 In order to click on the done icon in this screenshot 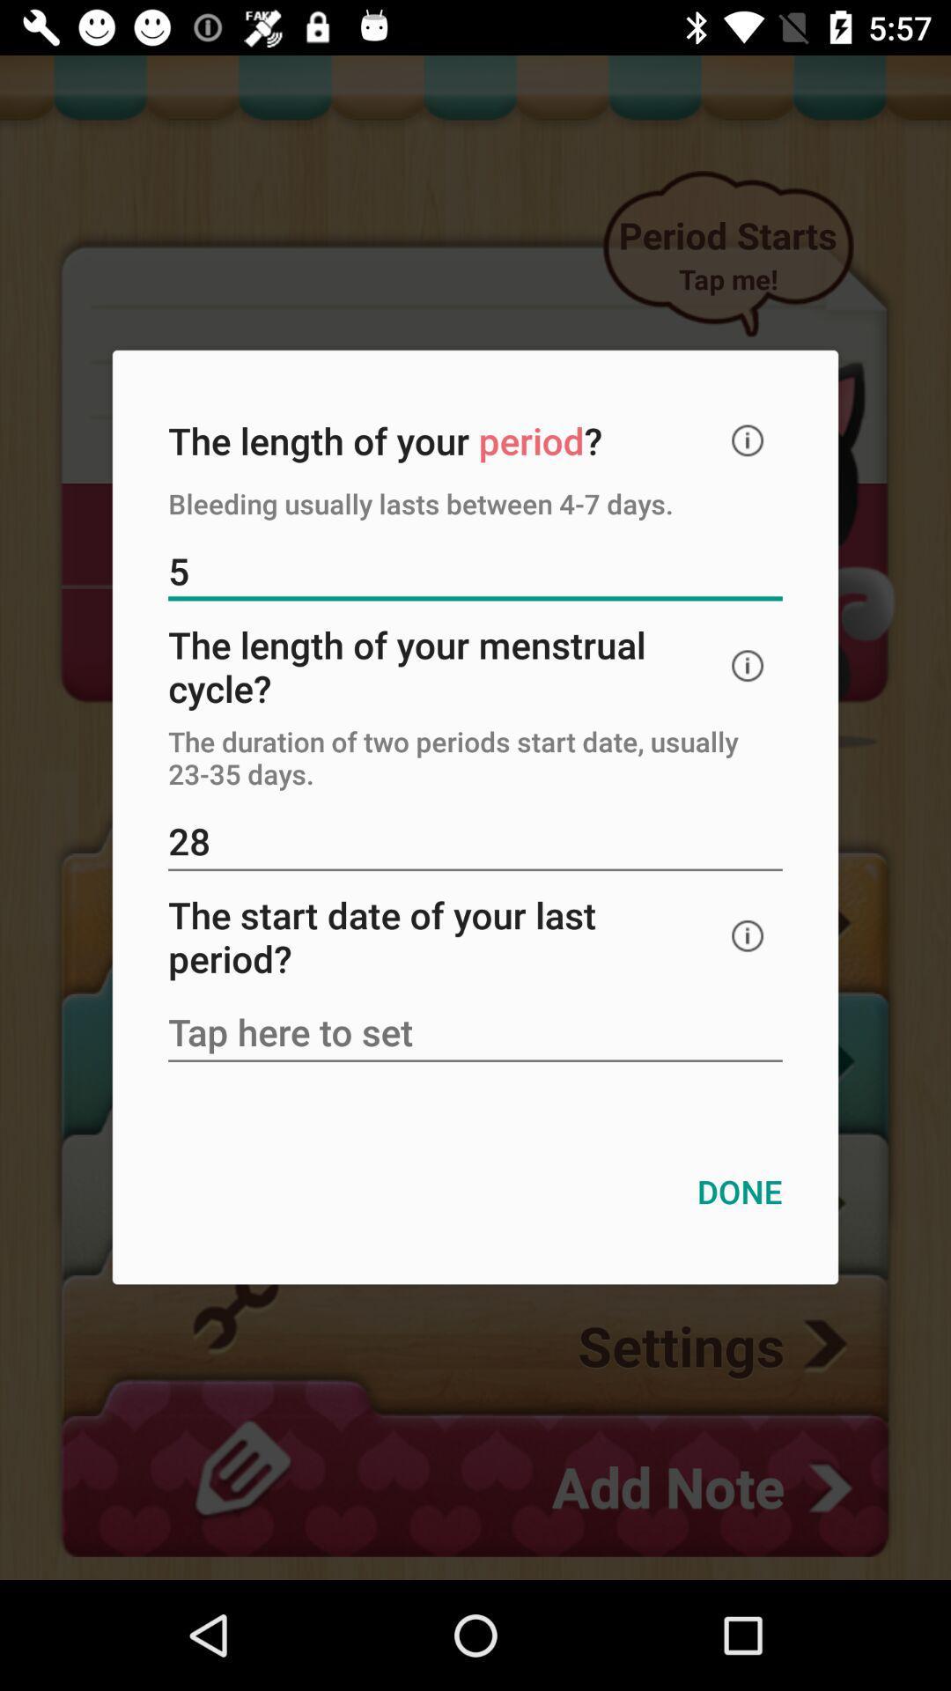, I will do `click(740, 1192)`.